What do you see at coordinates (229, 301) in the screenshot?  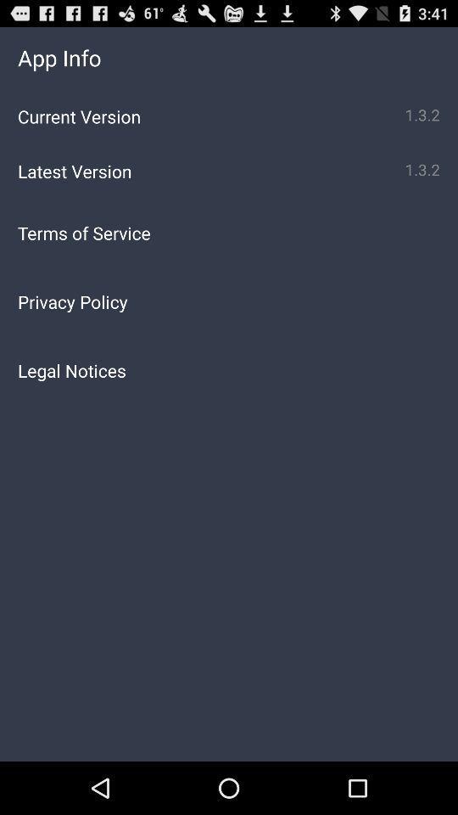 I see `the privacy policy icon` at bounding box center [229, 301].